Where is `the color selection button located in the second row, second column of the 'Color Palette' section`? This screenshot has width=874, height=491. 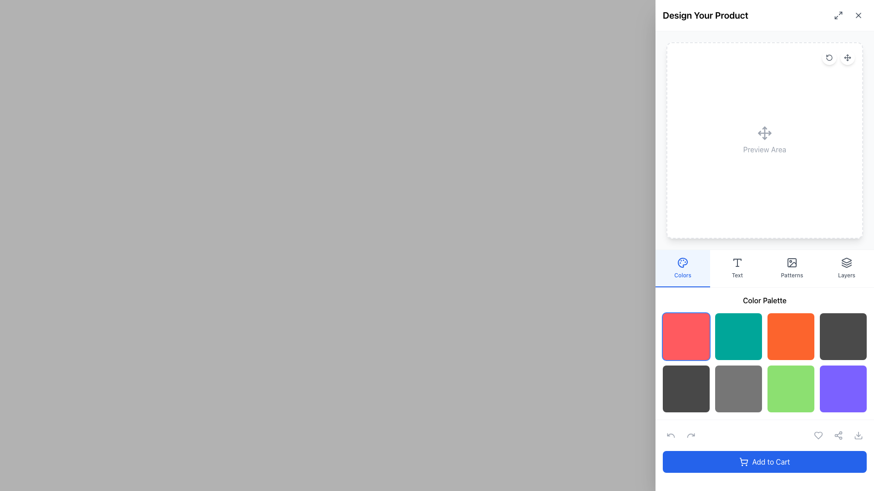 the color selection button located in the second row, second column of the 'Color Palette' section is located at coordinates (738, 389).